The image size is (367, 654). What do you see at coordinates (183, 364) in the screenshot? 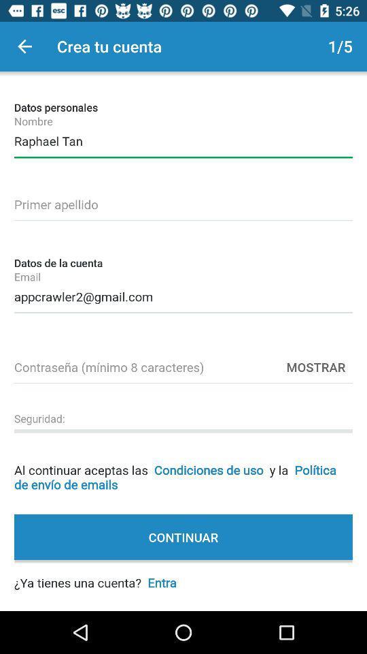
I see `your password with at least eight characters` at bounding box center [183, 364].